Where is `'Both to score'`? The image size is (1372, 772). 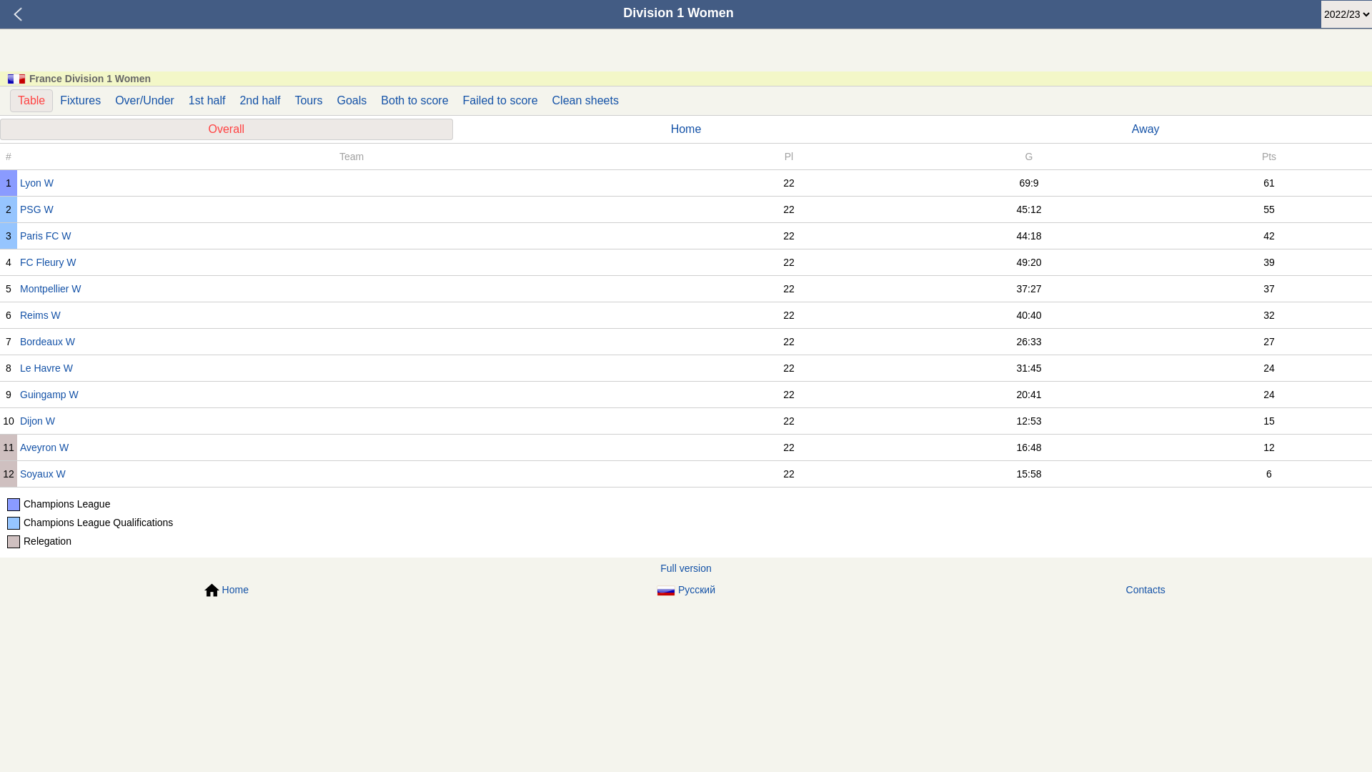
'Both to score' is located at coordinates (374, 100).